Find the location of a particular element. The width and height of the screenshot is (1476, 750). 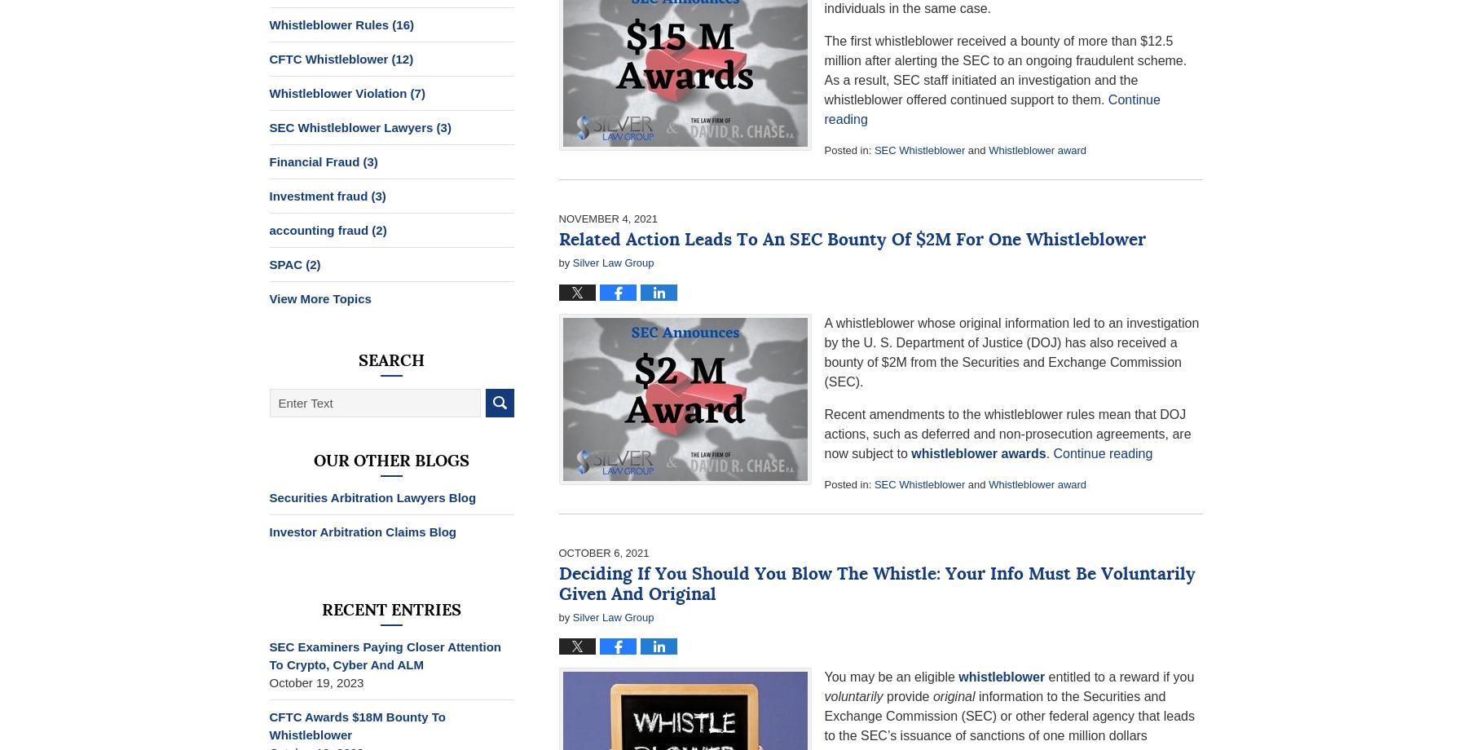

'(16)' is located at coordinates (392, 24).